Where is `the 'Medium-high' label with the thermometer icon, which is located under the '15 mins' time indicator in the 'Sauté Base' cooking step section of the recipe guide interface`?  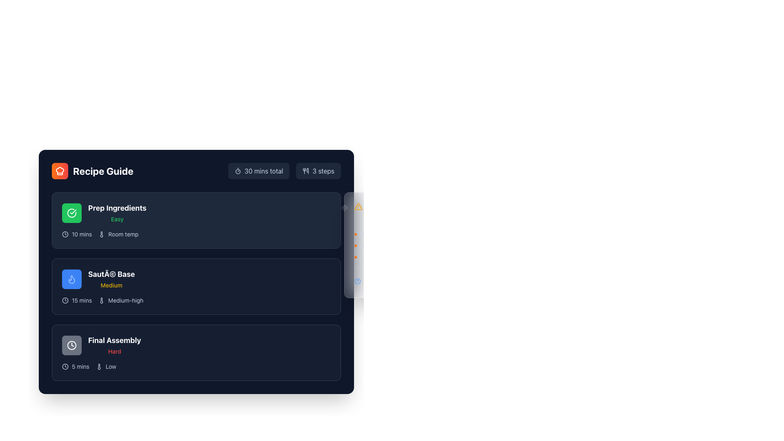 the 'Medium-high' label with the thermometer icon, which is located under the '15 mins' time indicator in the 'Sauté Base' cooking step section of the recipe guide interface is located at coordinates (120, 301).